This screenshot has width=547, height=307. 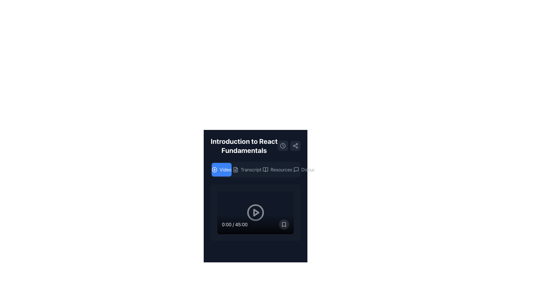 What do you see at coordinates (221, 169) in the screenshot?
I see `the first button in a row of four buttons labeled 'Video', 'Transcript', 'Resources', 'Discussion'` at bounding box center [221, 169].